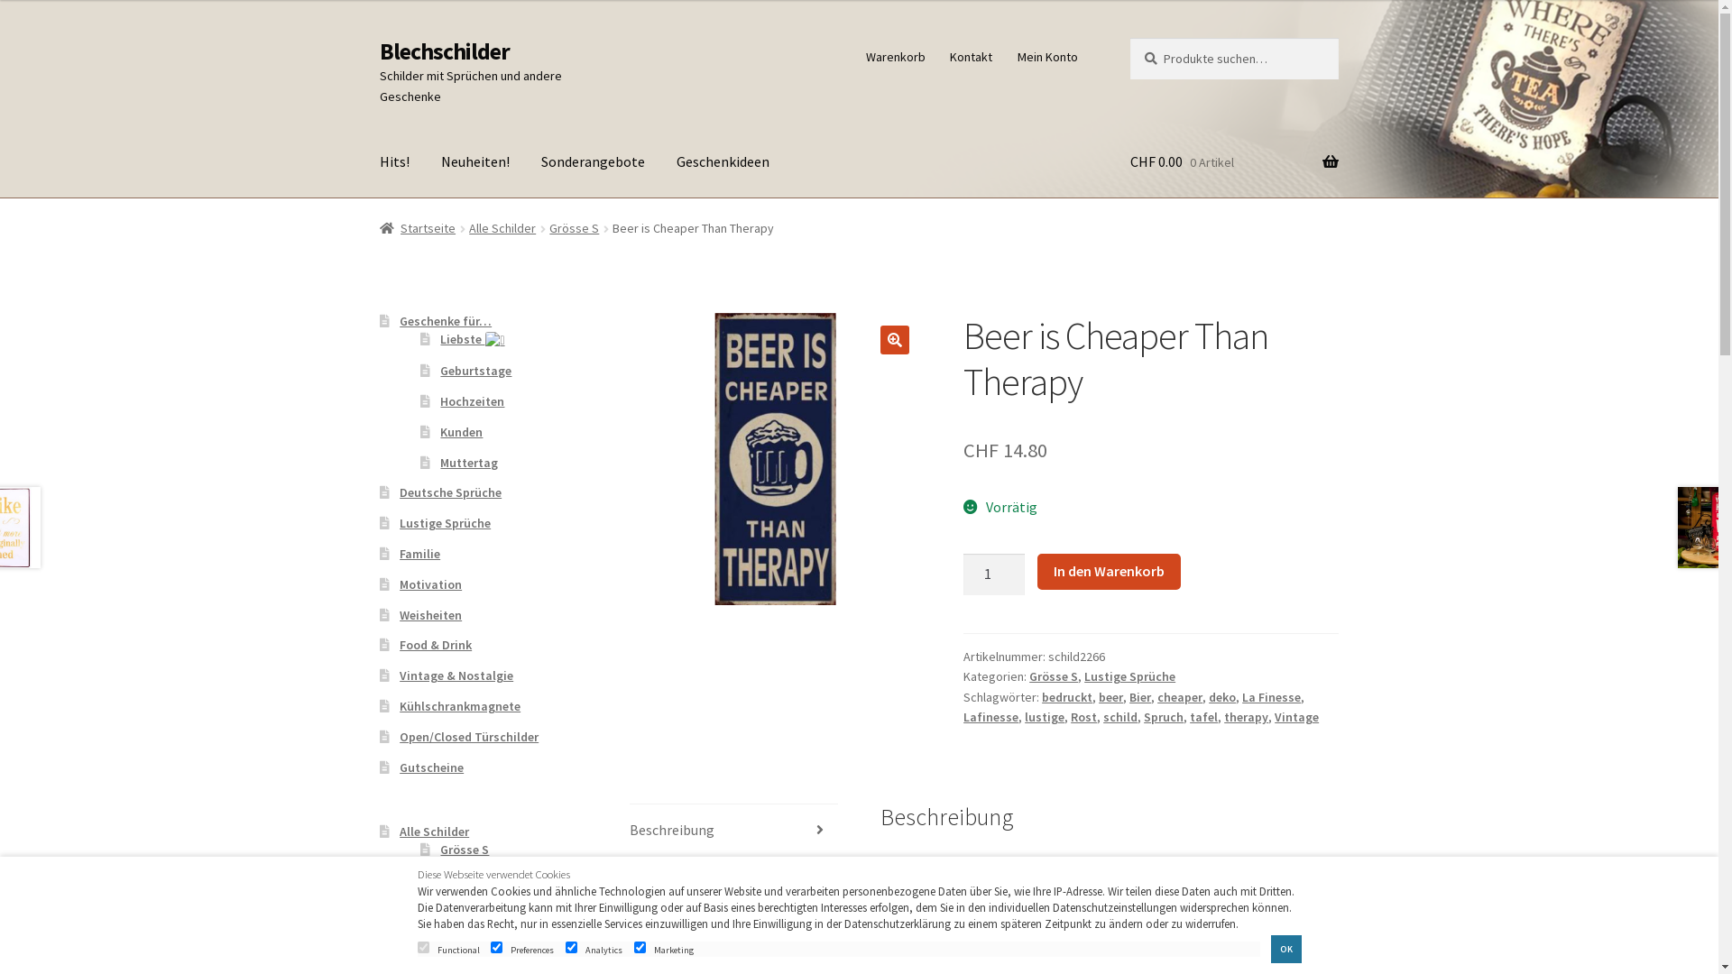 The height and width of the screenshot is (974, 1732). Describe the element at coordinates (593, 162) in the screenshot. I see `'Sonderangebote'` at that location.